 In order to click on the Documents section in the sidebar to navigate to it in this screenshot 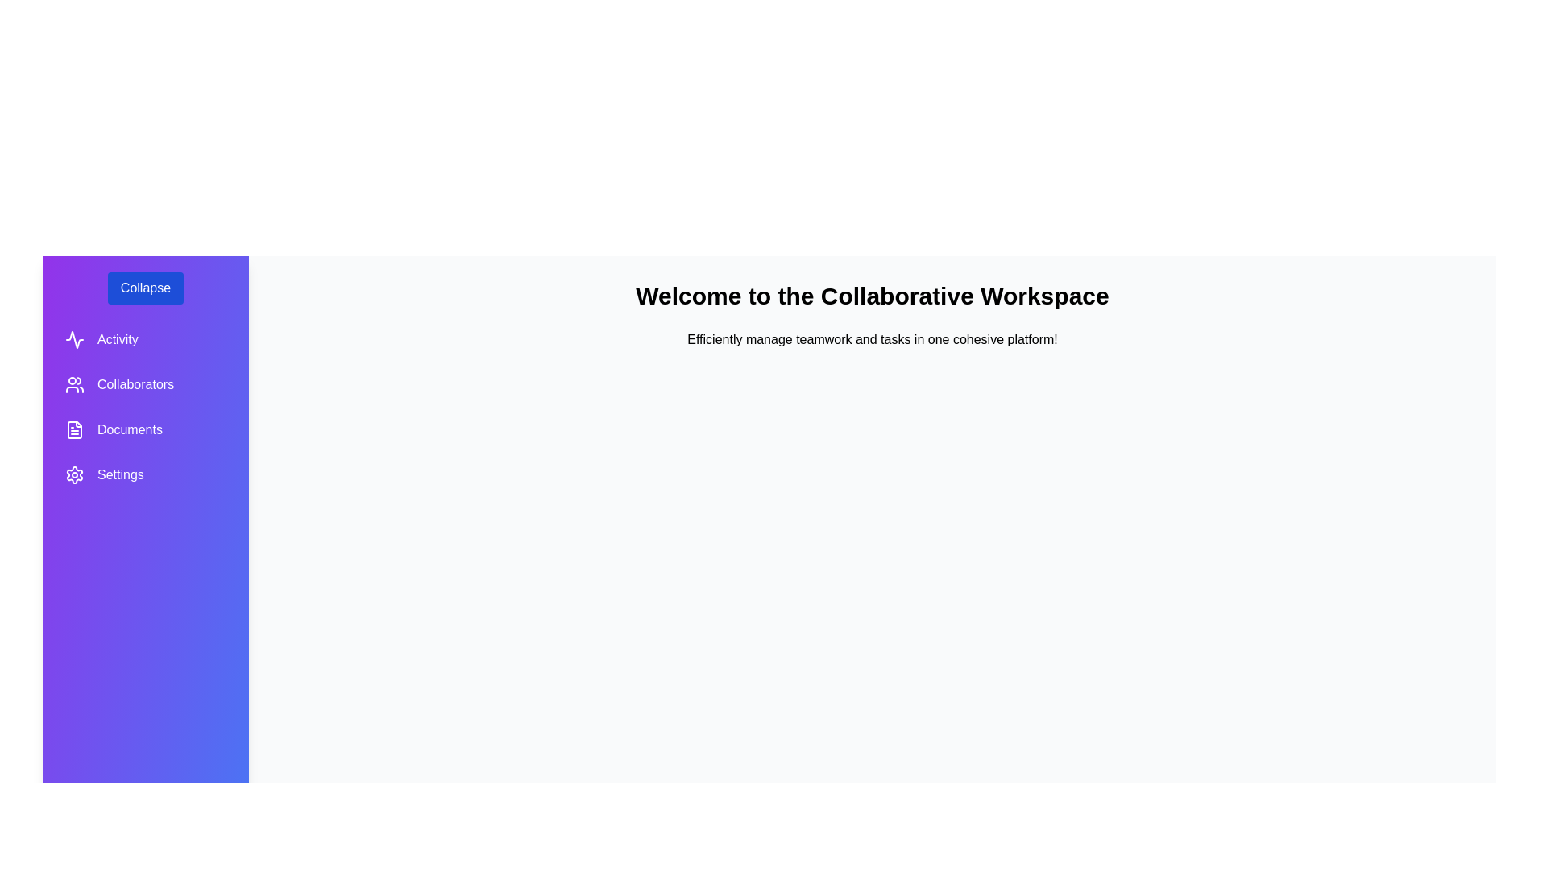, I will do `click(146, 429)`.